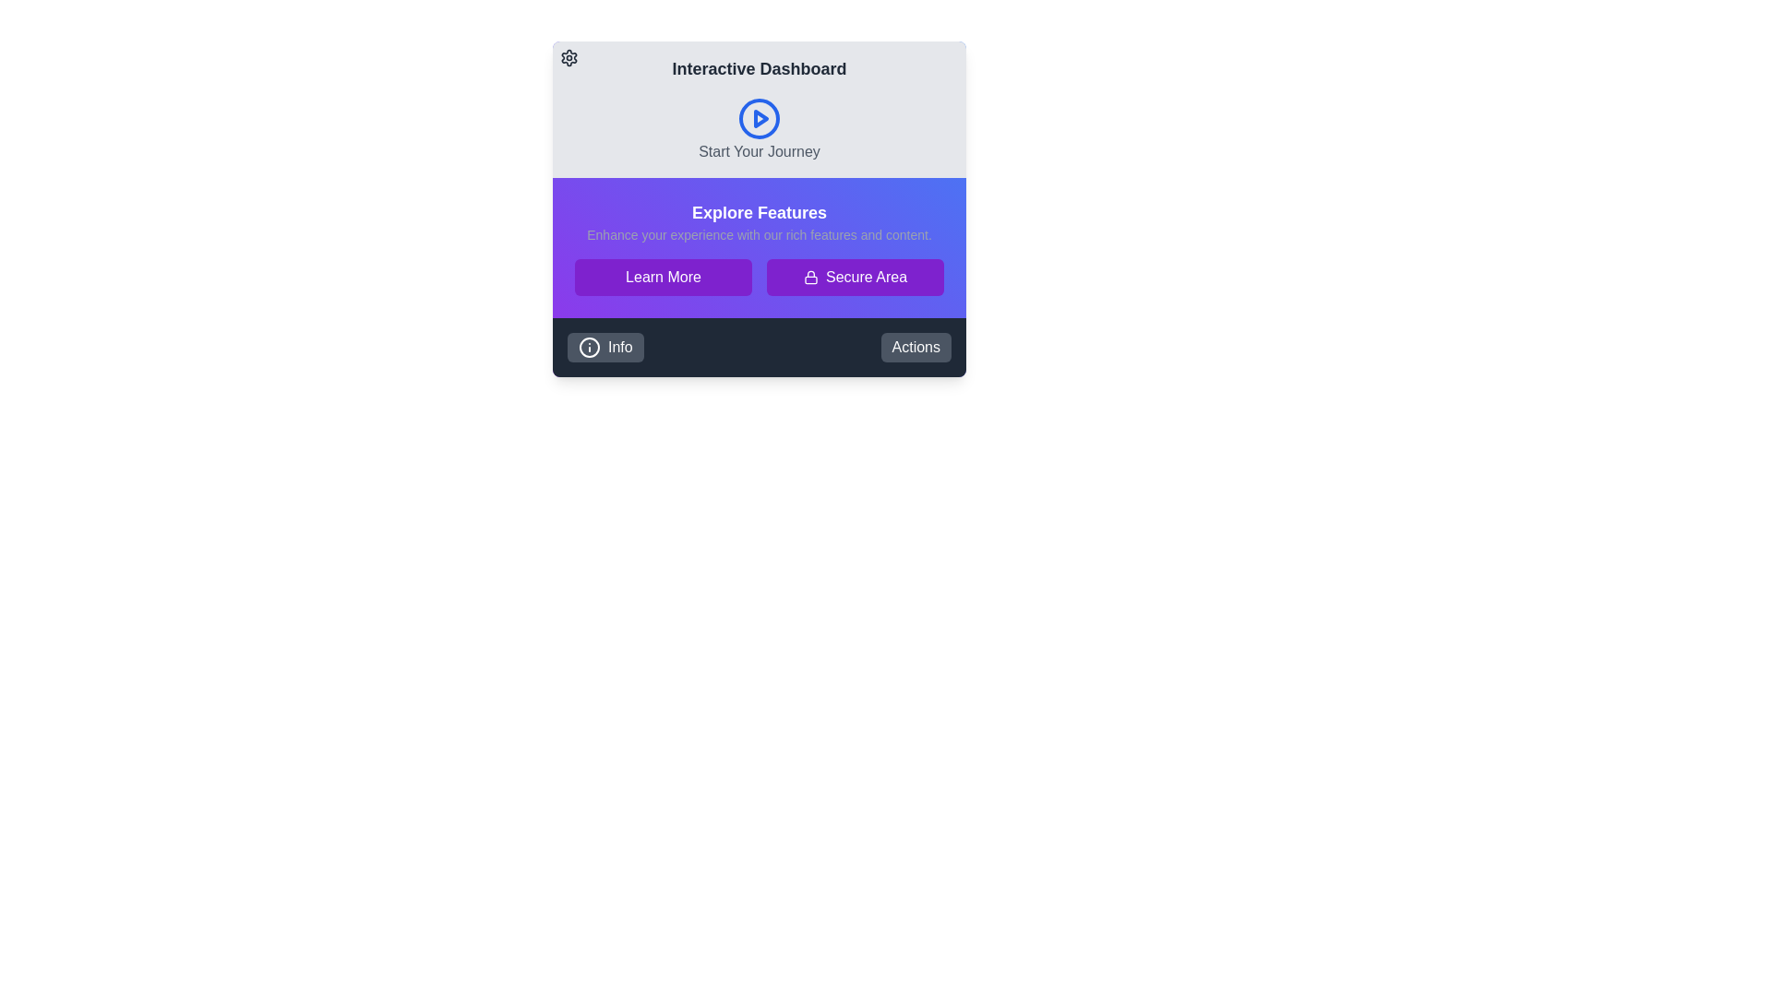 The height and width of the screenshot is (996, 1772). Describe the element at coordinates (866, 277) in the screenshot. I see `the purple button labeled 'Secure Area' which contains the text label` at that location.